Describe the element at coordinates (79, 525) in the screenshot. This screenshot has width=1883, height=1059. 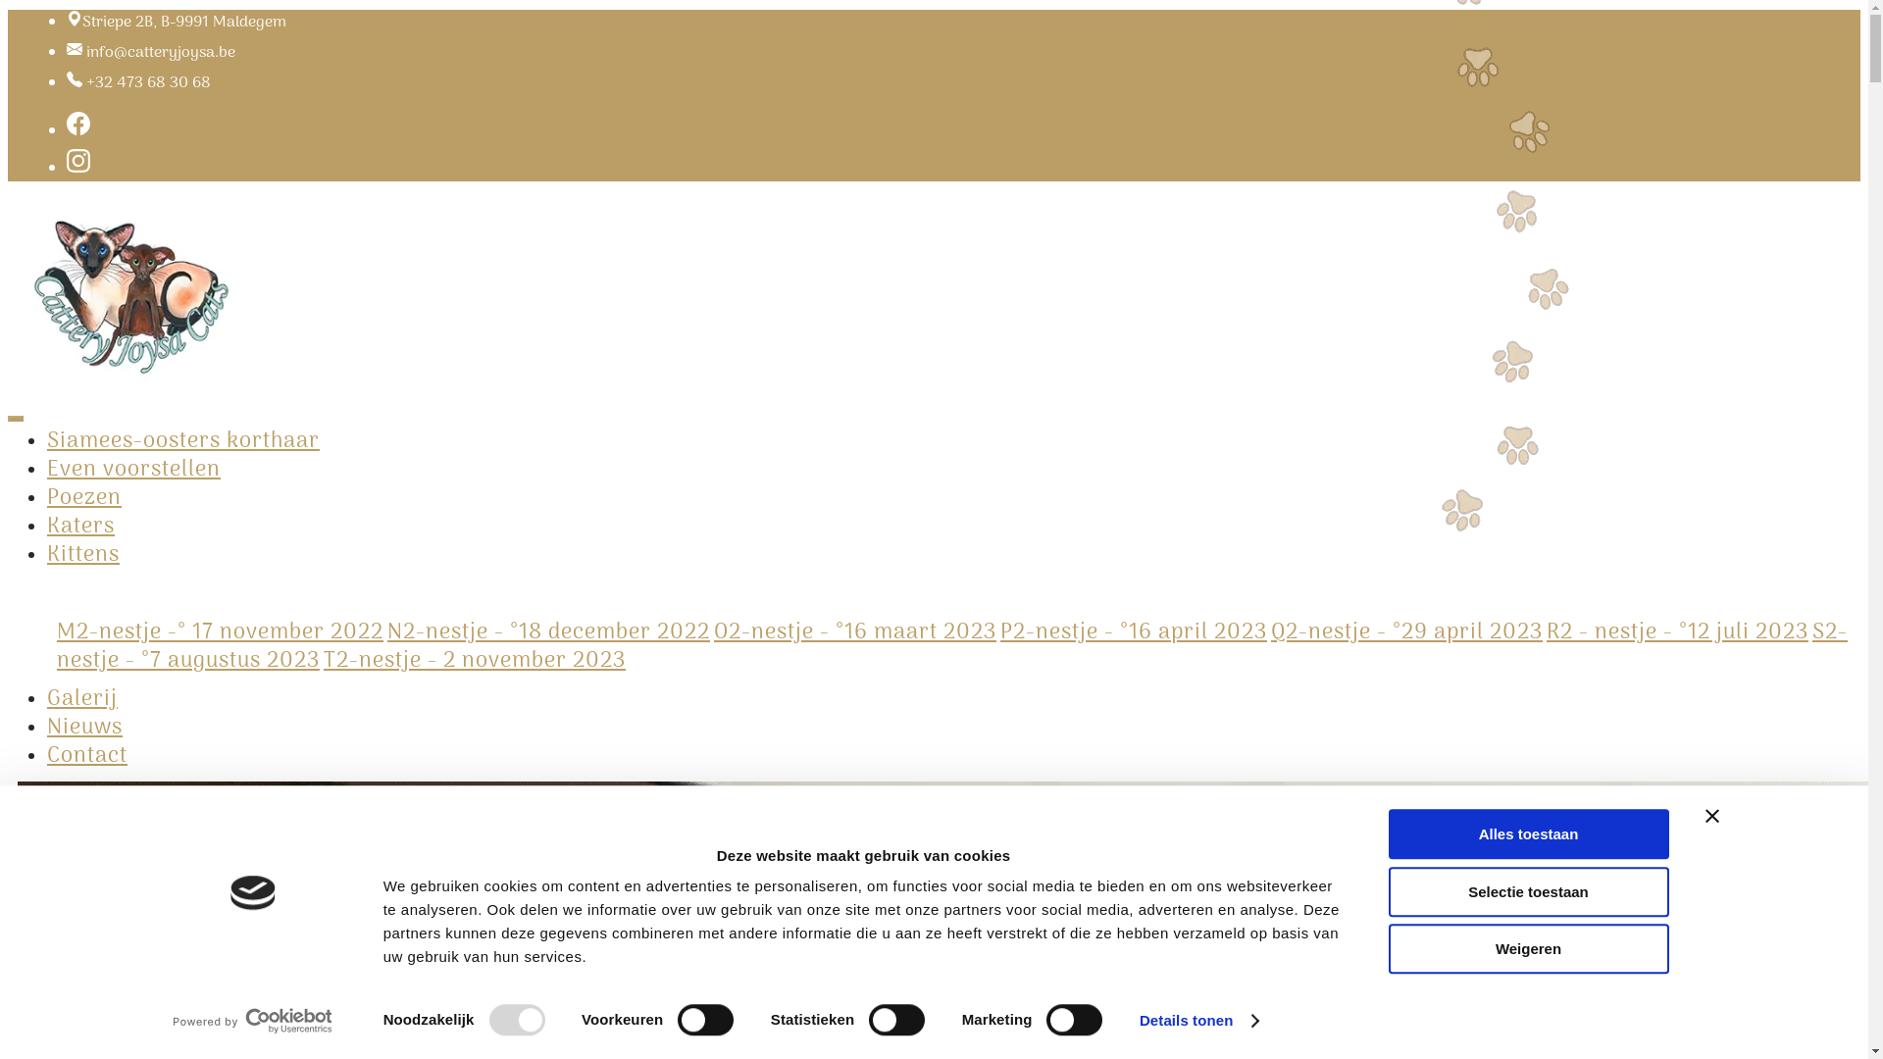
I see `'Katers'` at that location.